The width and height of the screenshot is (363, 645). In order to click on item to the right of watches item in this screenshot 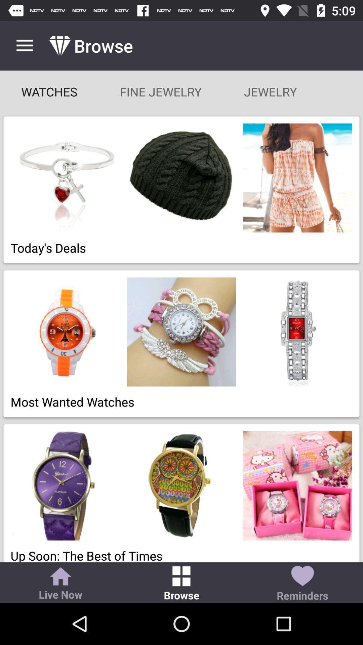, I will do `click(161, 91)`.